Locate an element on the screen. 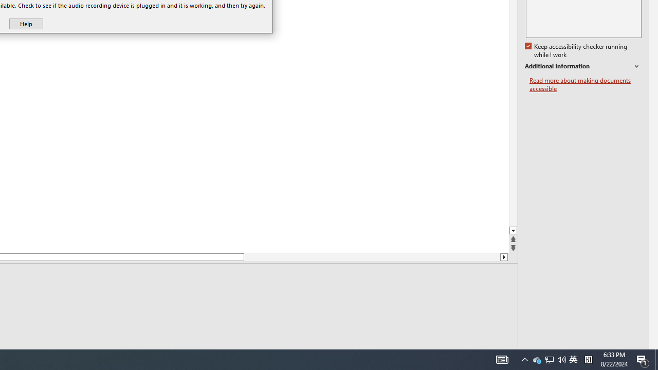  'Read more about making documents accessible' is located at coordinates (586, 84).